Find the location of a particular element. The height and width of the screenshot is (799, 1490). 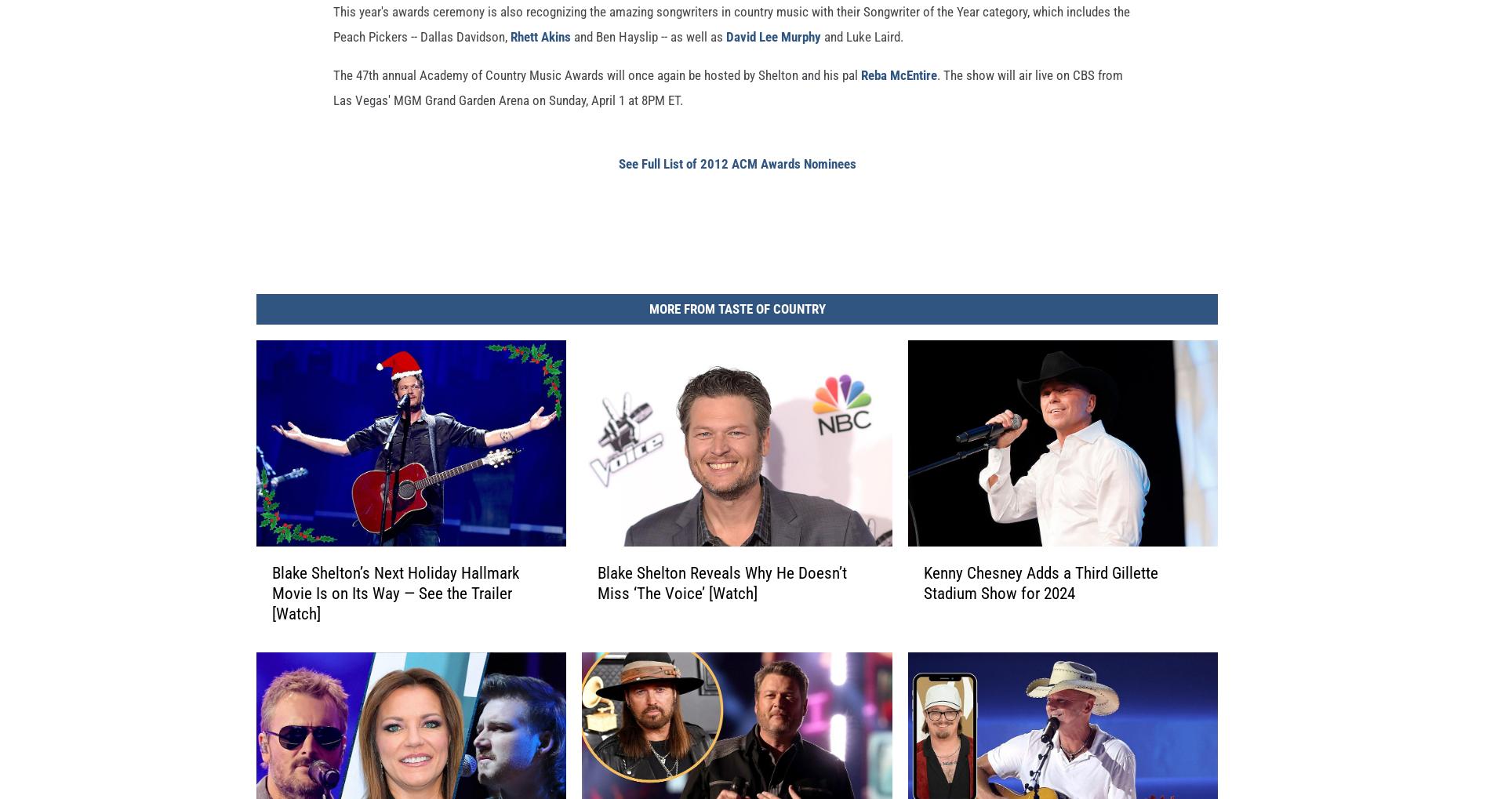

'See Full List of 2012 ACM Awards Nominees' is located at coordinates (616, 188).